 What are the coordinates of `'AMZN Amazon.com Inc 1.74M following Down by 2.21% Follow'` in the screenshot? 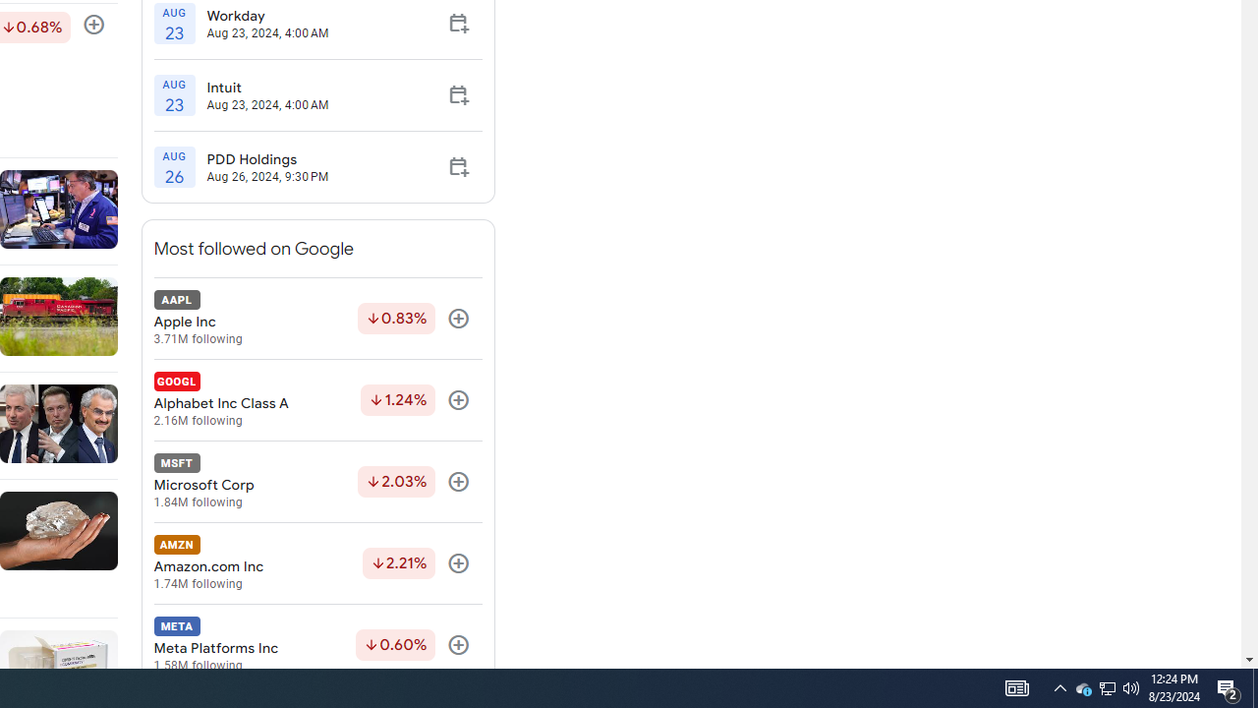 It's located at (317, 563).